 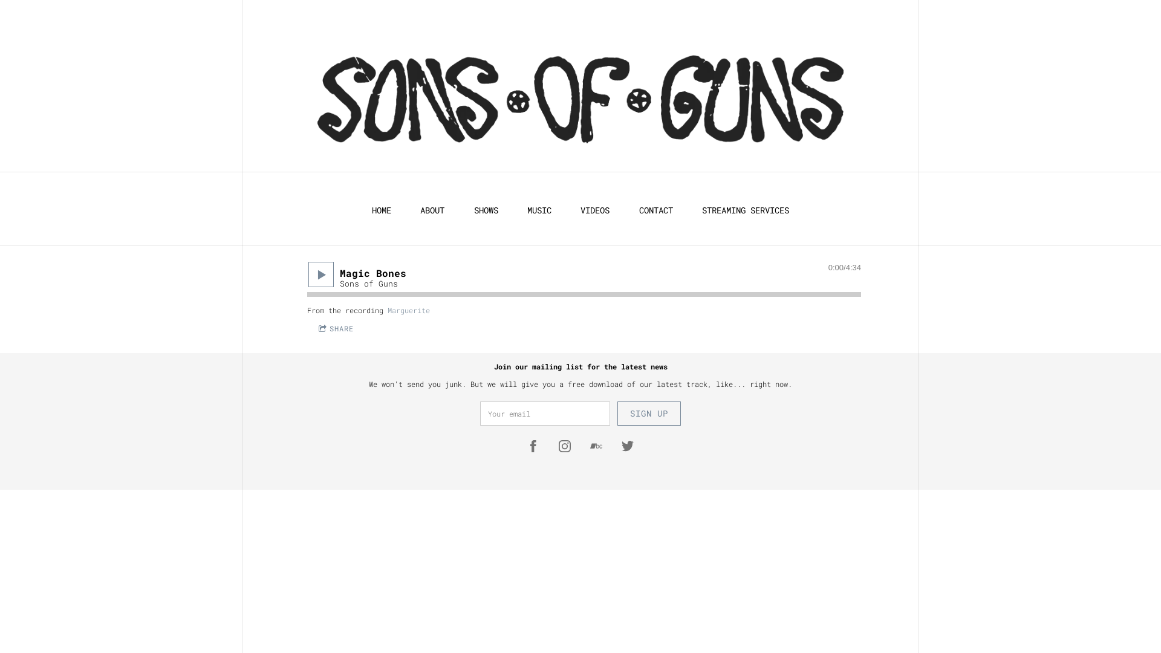 I want to click on 'ABOUT', so click(x=432, y=209).